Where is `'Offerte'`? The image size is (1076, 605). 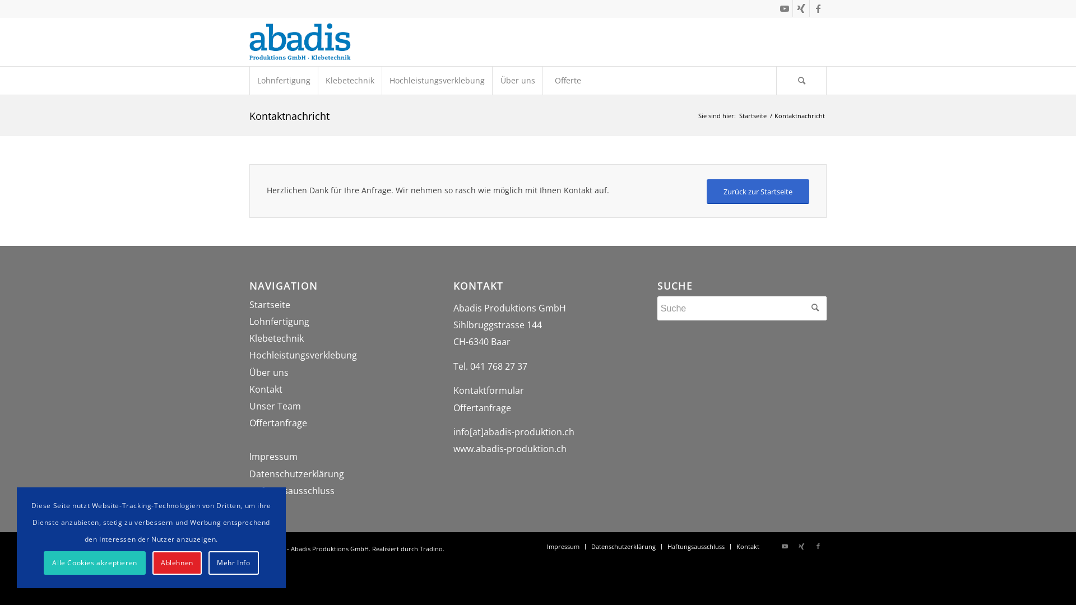
'Offerte' is located at coordinates (567, 80).